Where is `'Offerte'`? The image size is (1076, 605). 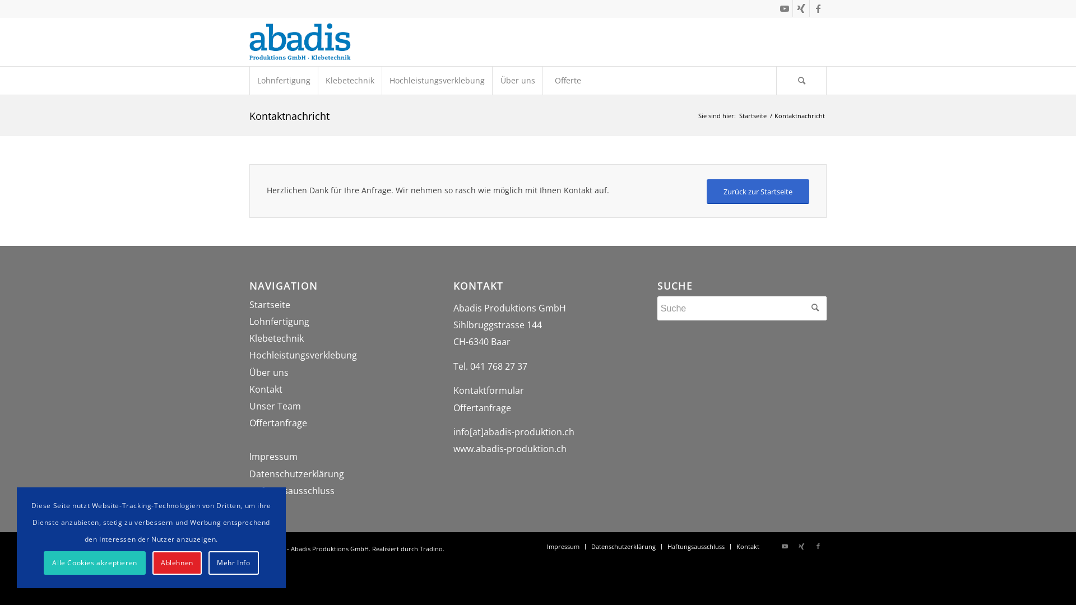
'Offerte' is located at coordinates (567, 80).